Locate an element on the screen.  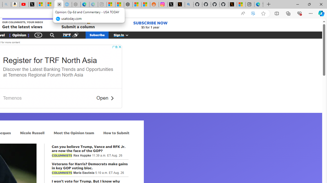
'Nordace - Duffels' is located at coordinates (128, 4).